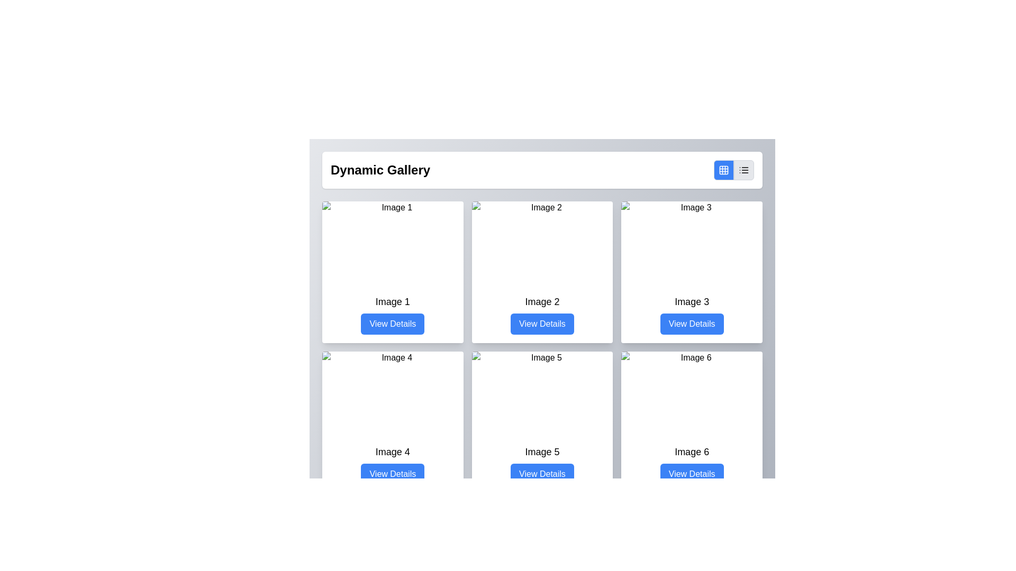 This screenshot has height=571, width=1016. I want to click on the image representing 'Image 3' located in the top section of the card in the first row and third column of the grid layout, so click(692, 244).